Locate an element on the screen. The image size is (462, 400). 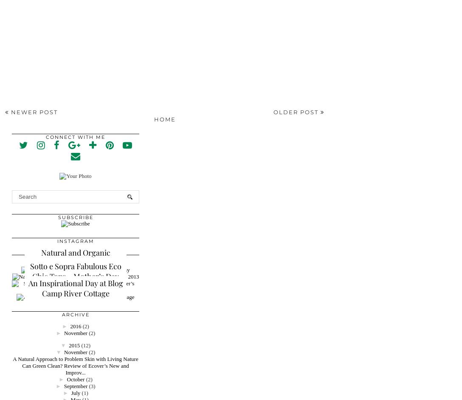
'Archive' is located at coordinates (75, 314).